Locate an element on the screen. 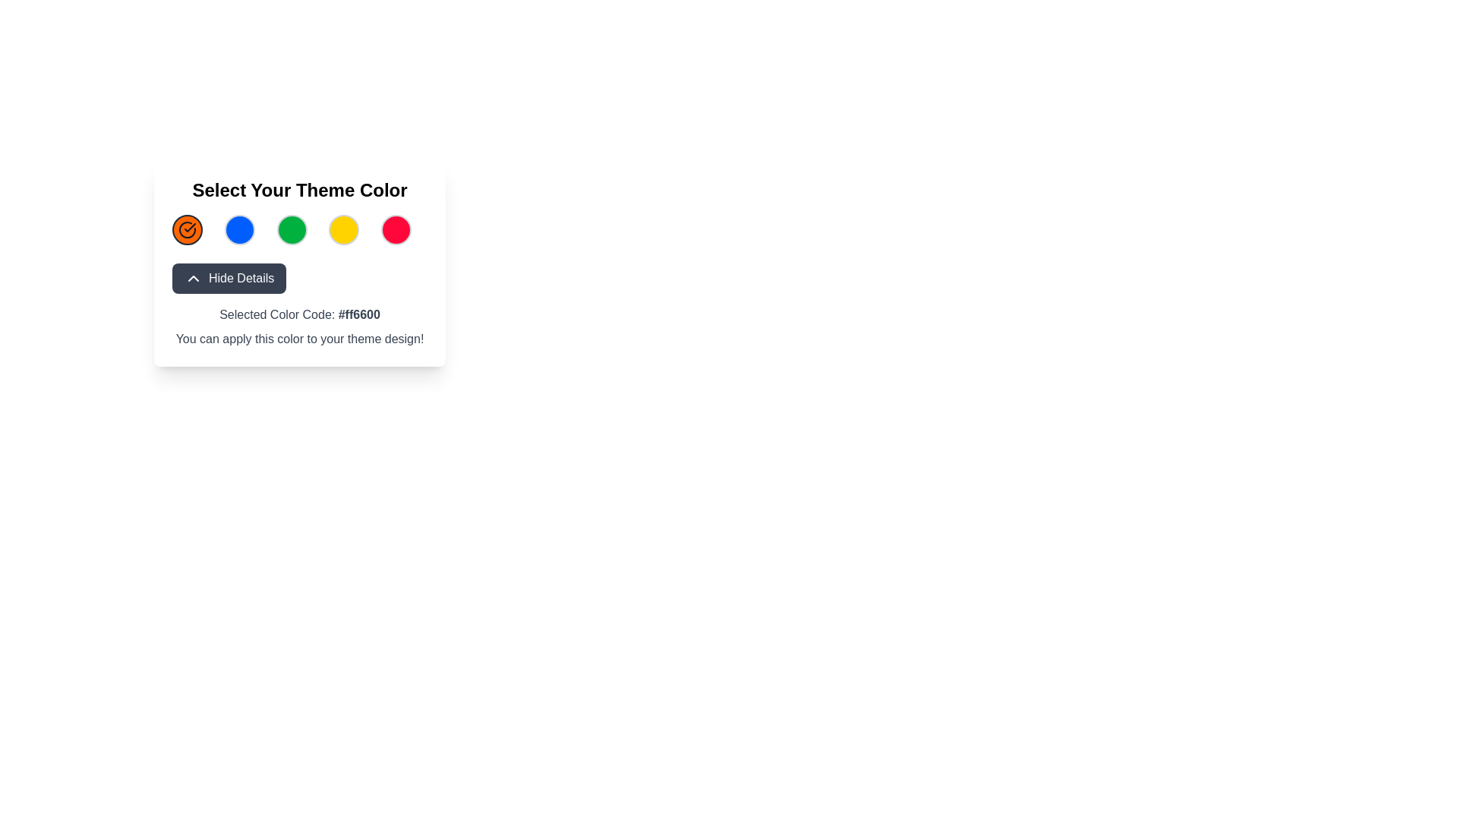  the collapse button with an upward-pointing chevron icon, which hides additional details related to theme selection is located at coordinates (229, 278).